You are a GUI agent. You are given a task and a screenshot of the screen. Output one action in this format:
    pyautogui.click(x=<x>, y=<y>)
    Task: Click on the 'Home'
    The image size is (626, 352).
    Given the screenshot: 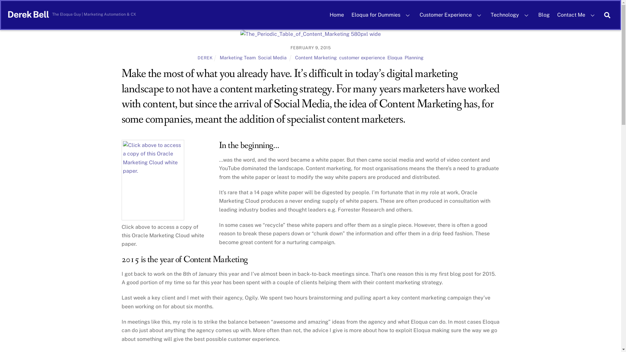 What is the action you would take?
    pyautogui.click(x=336, y=15)
    